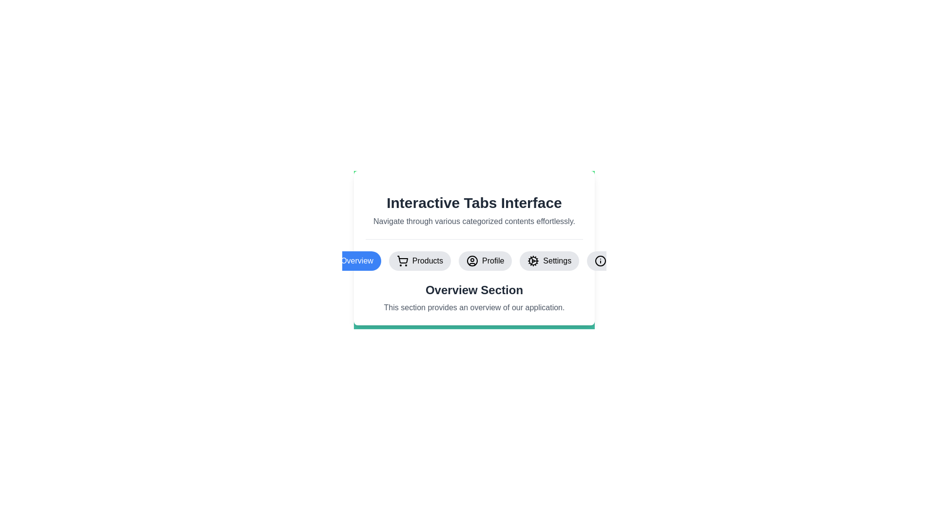  I want to click on the 'Overview Section' text label, which is prominently displayed in a large, semibold font with dark gray color, located near the center of the interface just beneath the interactive tabs, so click(474, 290).